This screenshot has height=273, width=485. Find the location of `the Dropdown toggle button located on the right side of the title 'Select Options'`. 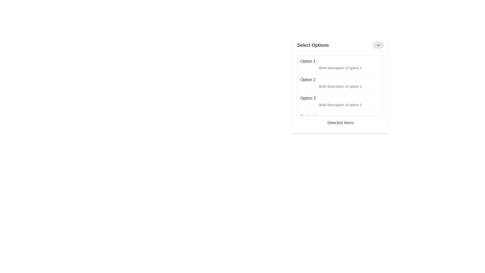

the Dropdown toggle button located on the right side of the title 'Select Options' is located at coordinates (378, 45).